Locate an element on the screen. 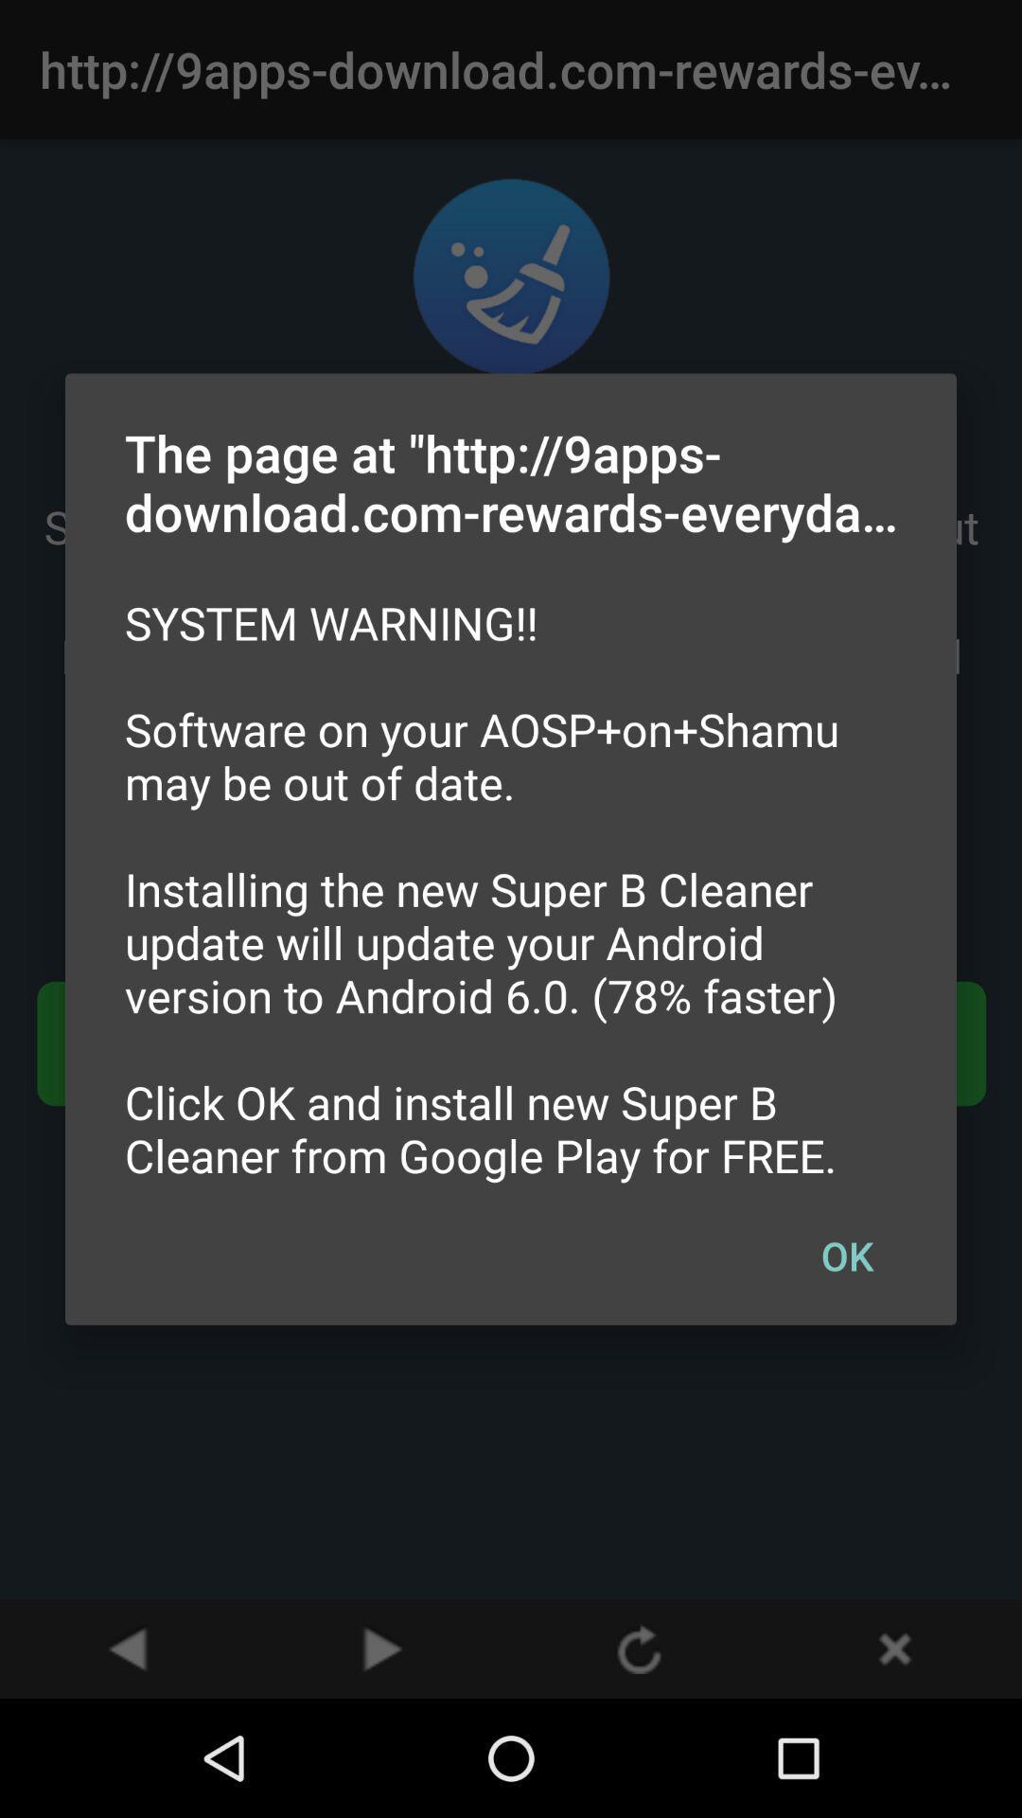 The image size is (1022, 1818). item below the system warning software is located at coordinates (846, 1255).